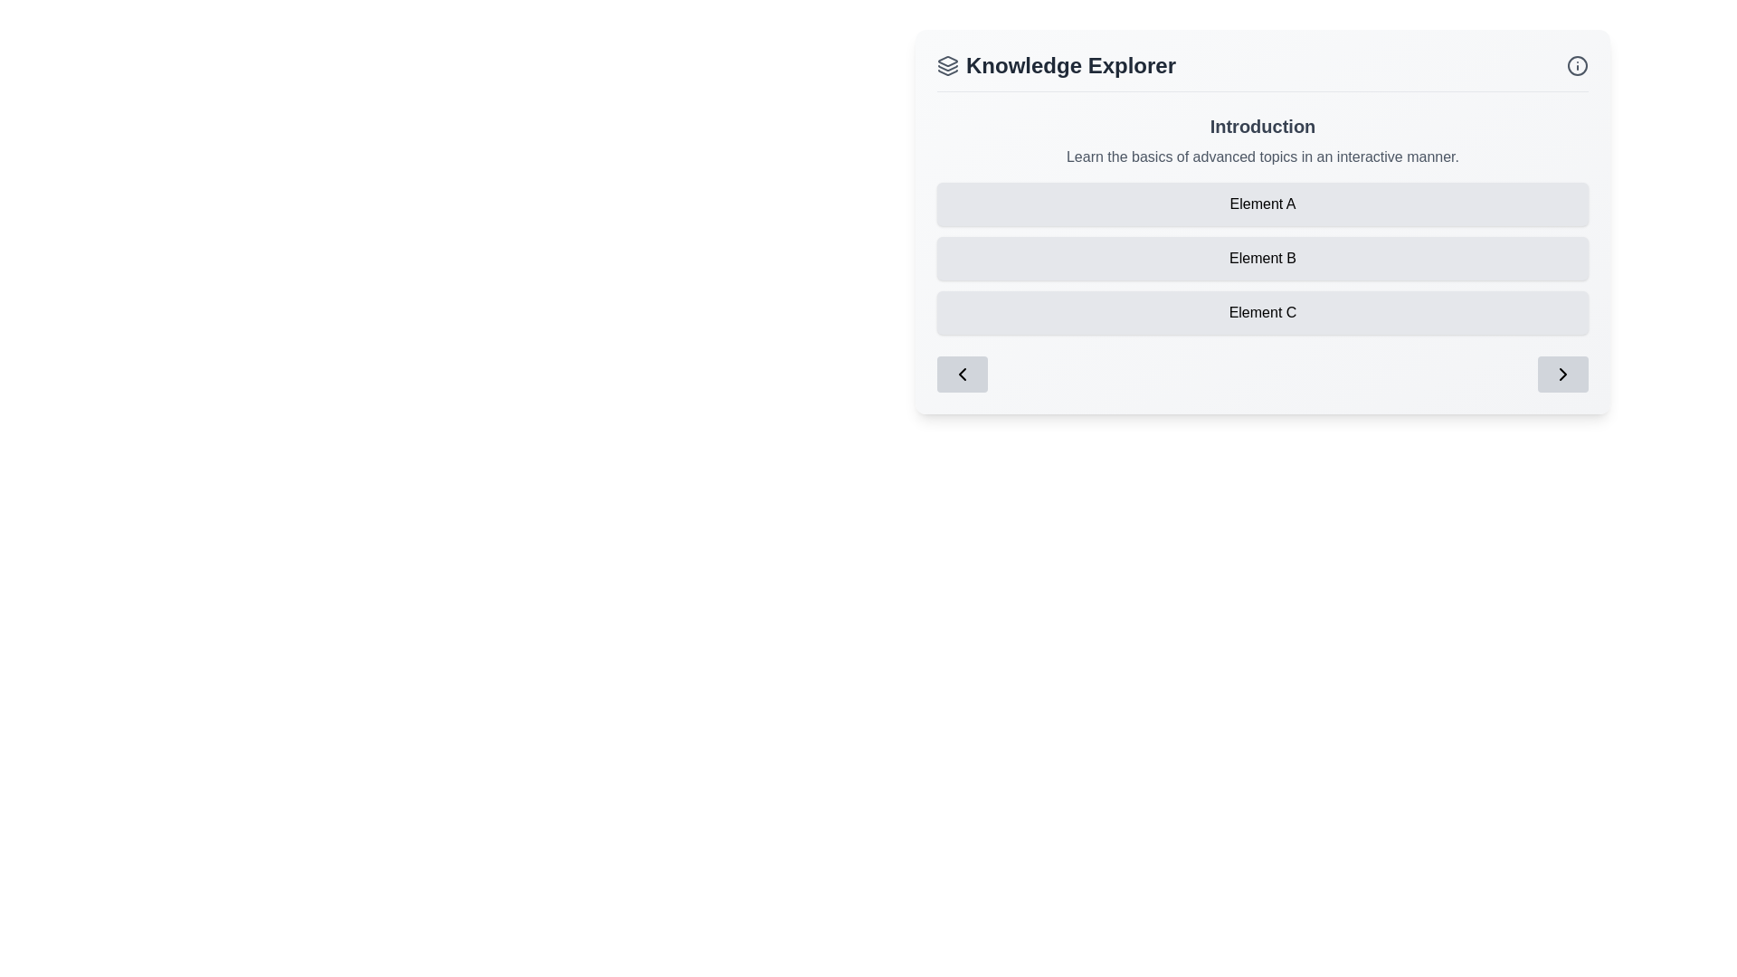 The height and width of the screenshot is (977, 1737). What do you see at coordinates (1262, 139) in the screenshot?
I see `the Text Header with Subheader that includes the title 'Introduction' and the subtitle 'Learn the basics of advanced topics in an interactive manner.'` at bounding box center [1262, 139].